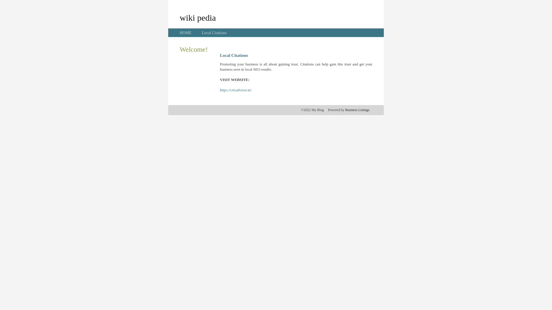  I want to click on 'Local Citations', so click(202, 33).